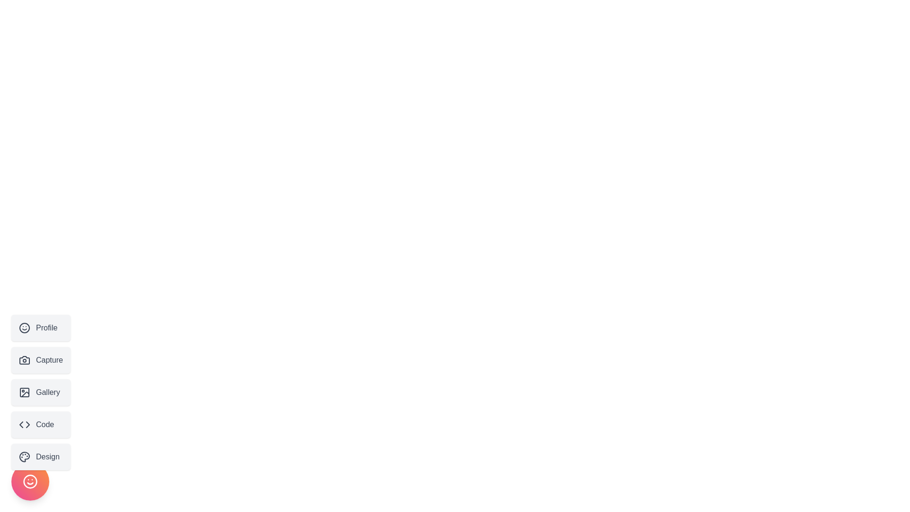  Describe the element at coordinates (46, 327) in the screenshot. I see `the 'Profile' text label, which is a bold dark gray text part of the first button in a vertical sidebar menu, located to the right of a circular smiley face icon` at that location.